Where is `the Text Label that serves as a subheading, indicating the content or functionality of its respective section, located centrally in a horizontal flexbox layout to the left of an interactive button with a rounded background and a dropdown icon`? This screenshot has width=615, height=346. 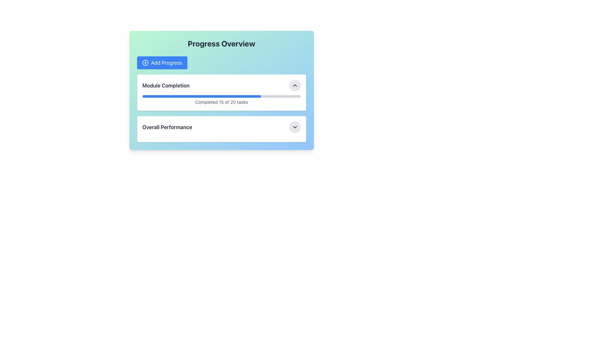 the Text Label that serves as a subheading, indicating the content or functionality of its respective section, located centrally in a horizontal flexbox layout to the left of an interactive button with a rounded background and a dropdown icon is located at coordinates (167, 127).